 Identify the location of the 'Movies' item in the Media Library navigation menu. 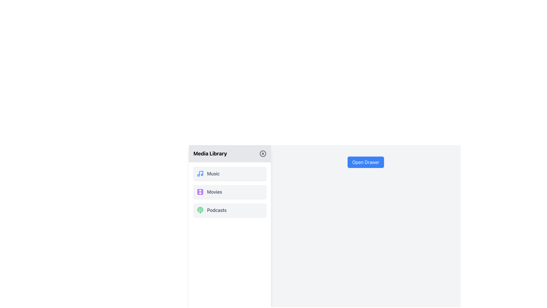
(230, 192).